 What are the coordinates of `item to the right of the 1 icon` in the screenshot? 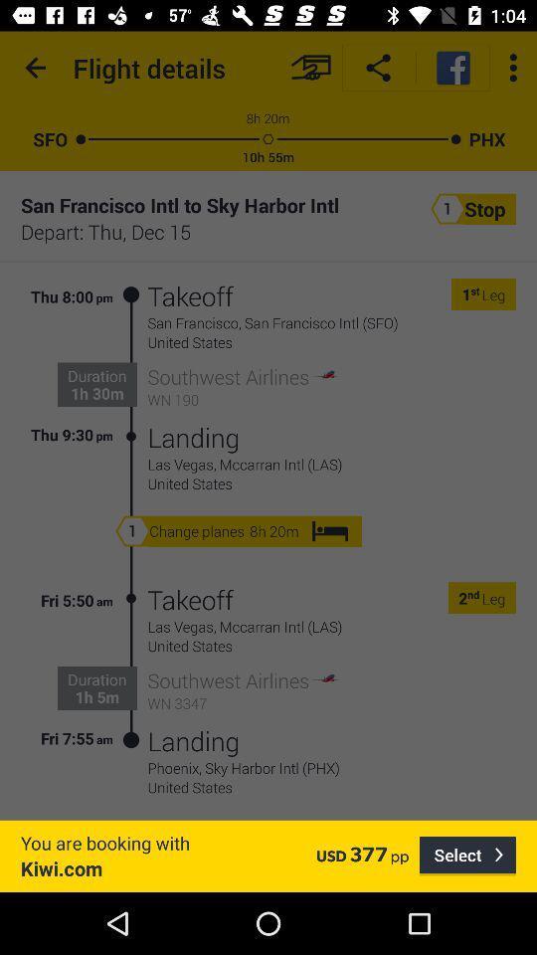 It's located at (473, 293).